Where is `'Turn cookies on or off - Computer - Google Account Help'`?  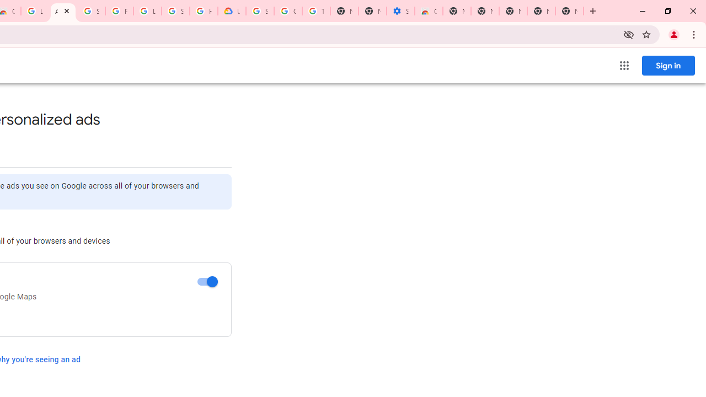
'Turn cookies on or off - Computer - Google Account Help' is located at coordinates (315, 11).